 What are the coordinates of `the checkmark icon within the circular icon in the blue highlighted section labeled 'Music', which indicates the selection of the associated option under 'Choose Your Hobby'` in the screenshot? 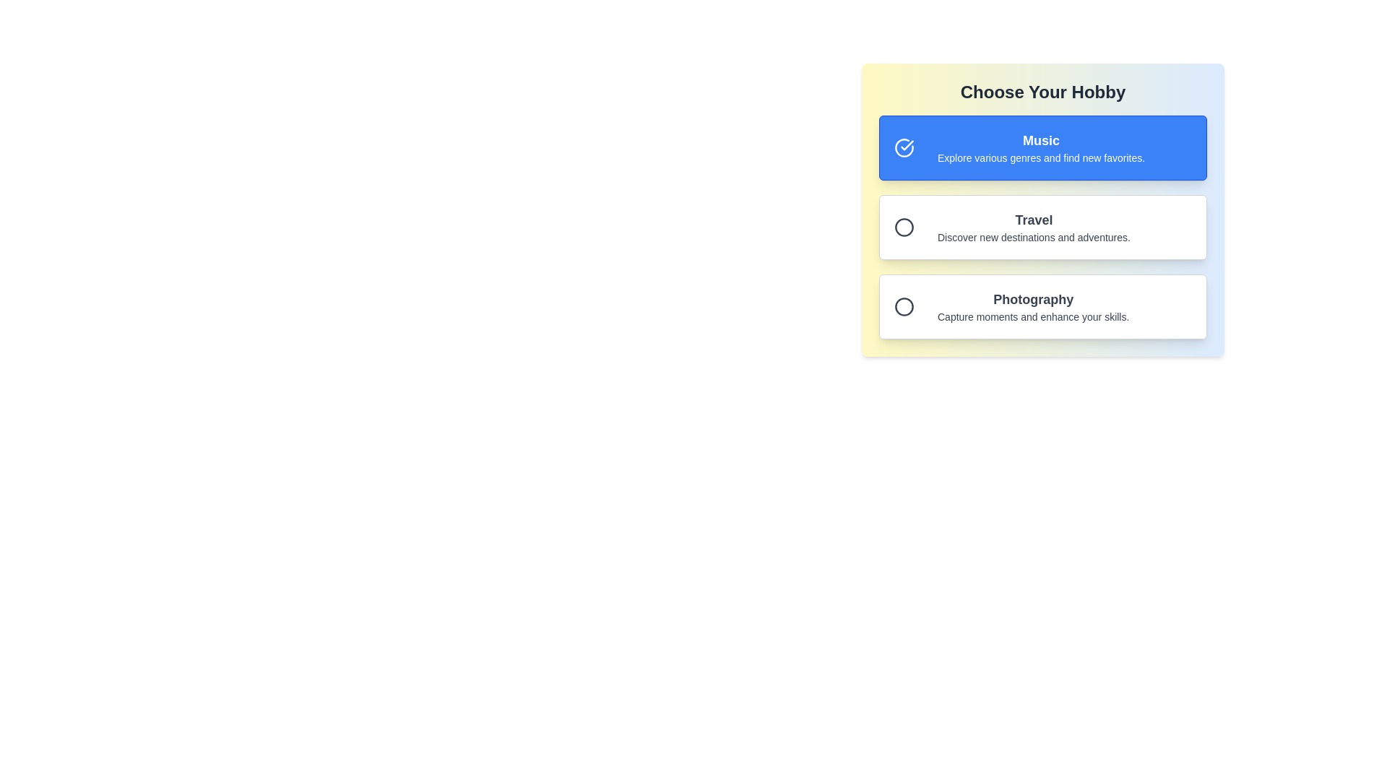 It's located at (907, 145).